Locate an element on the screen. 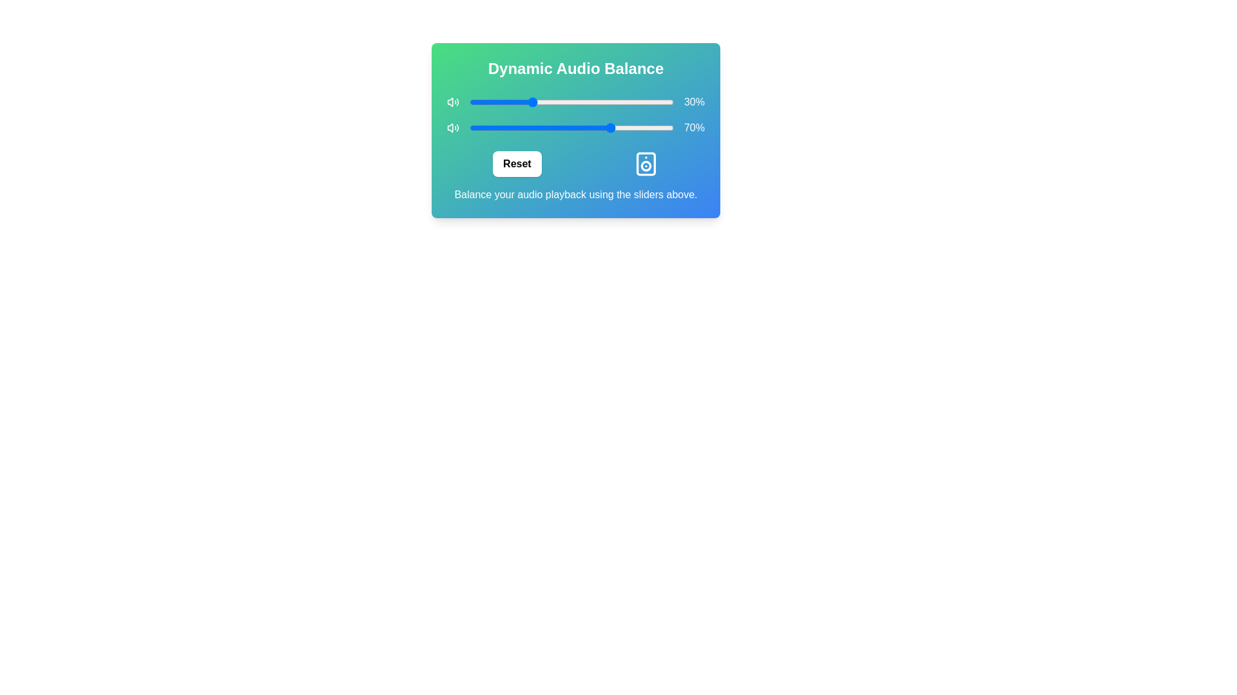 This screenshot has width=1237, height=695. the slider is located at coordinates (651, 101).